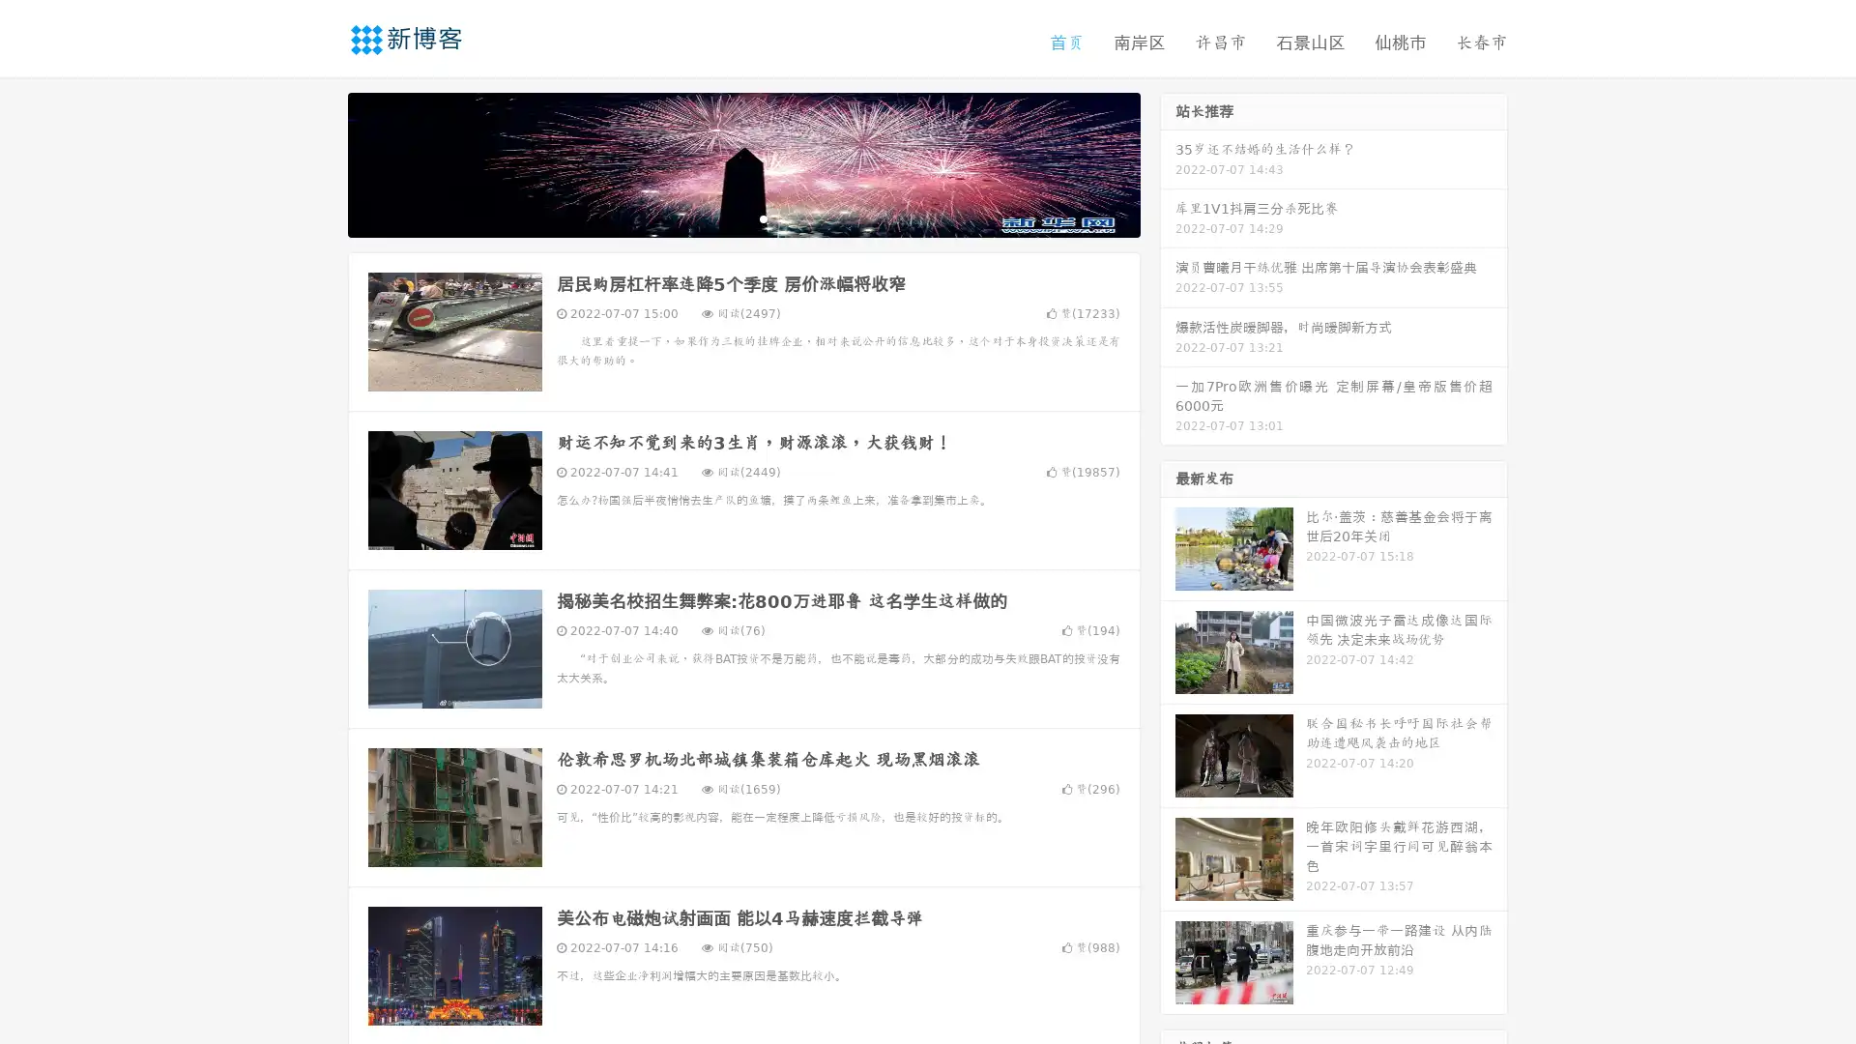 This screenshot has height=1044, width=1856. I want to click on Go to slide 2, so click(742, 217).